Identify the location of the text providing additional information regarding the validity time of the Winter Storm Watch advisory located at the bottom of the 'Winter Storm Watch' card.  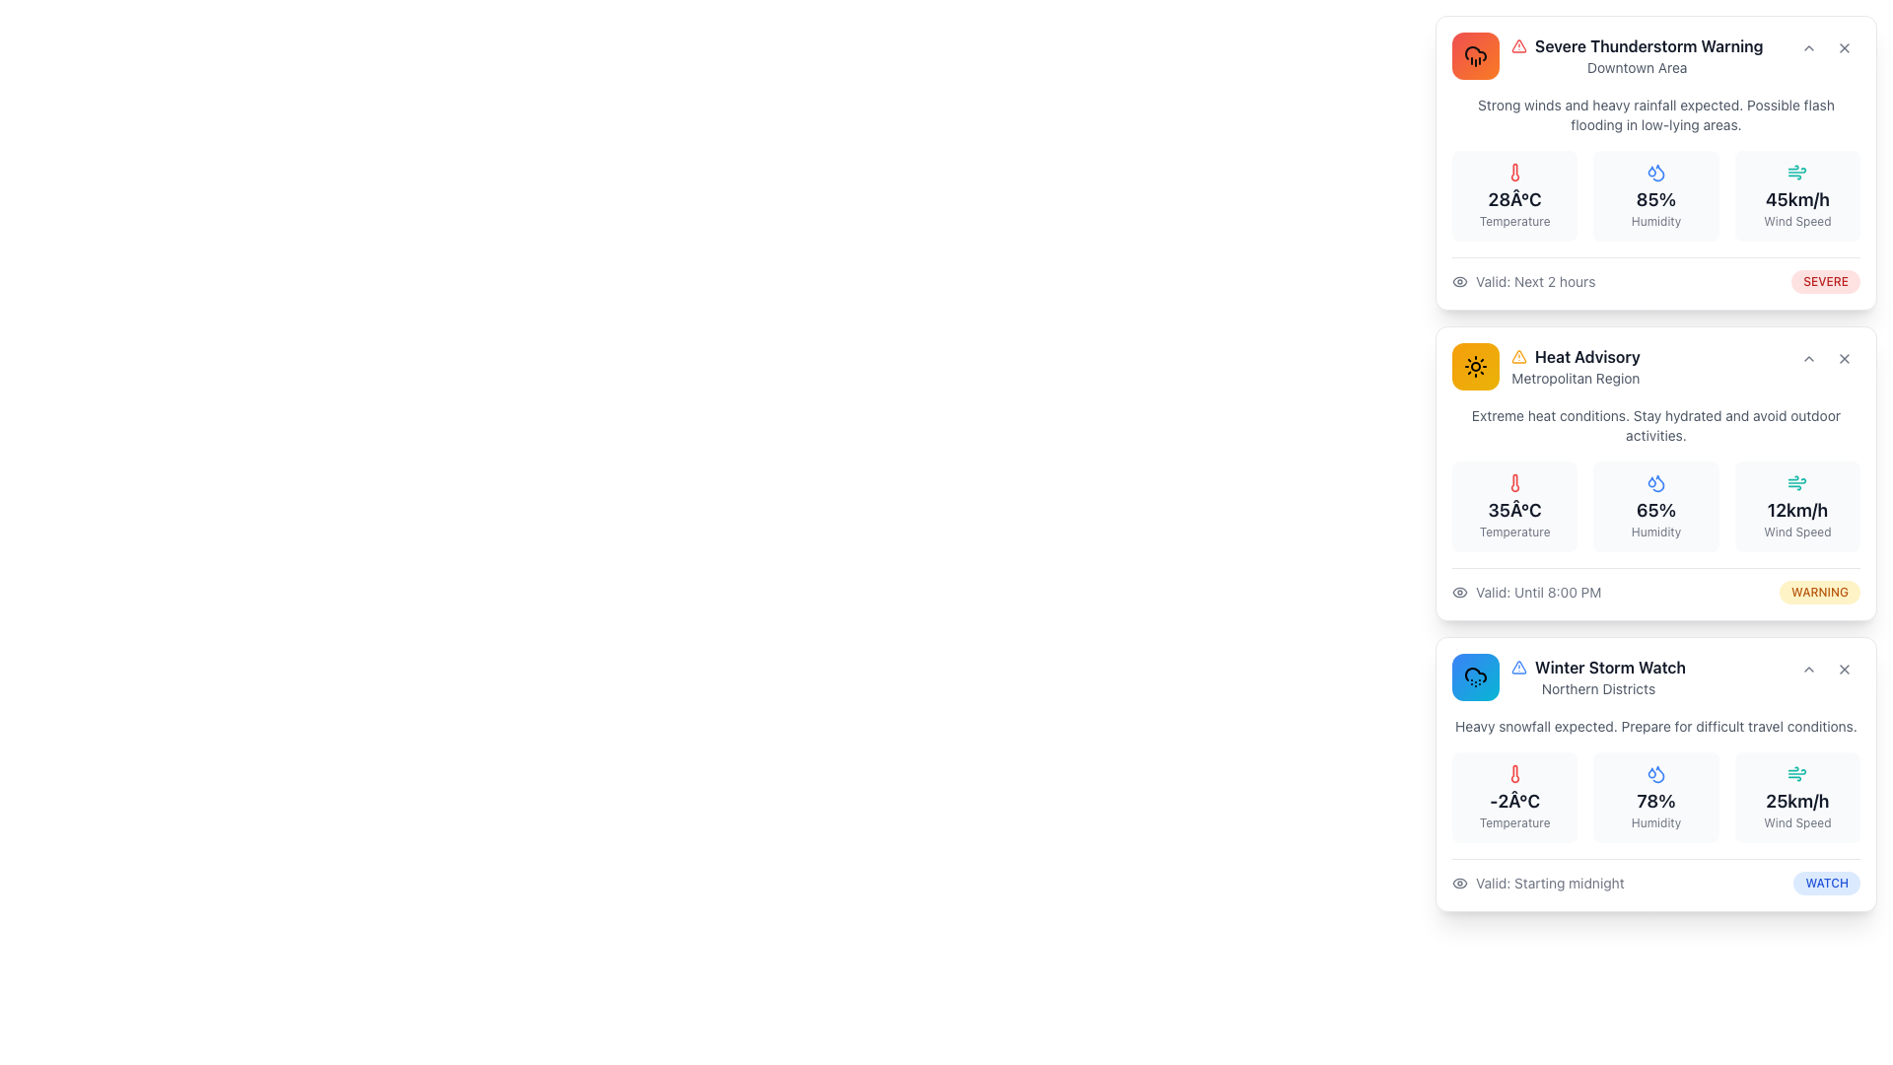
(1549, 882).